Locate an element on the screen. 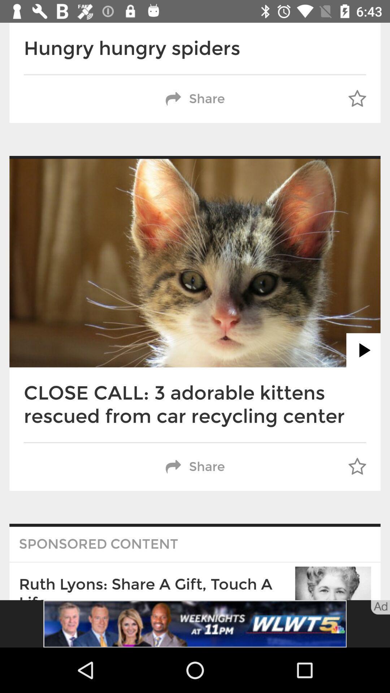 The image size is (390, 693). advertisement is located at coordinates (195, 623).